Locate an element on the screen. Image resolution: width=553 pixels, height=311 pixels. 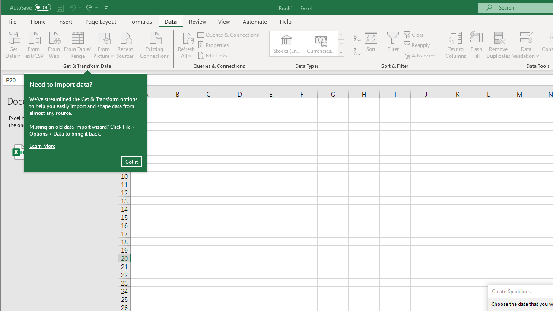
'Properties' is located at coordinates (214, 45).